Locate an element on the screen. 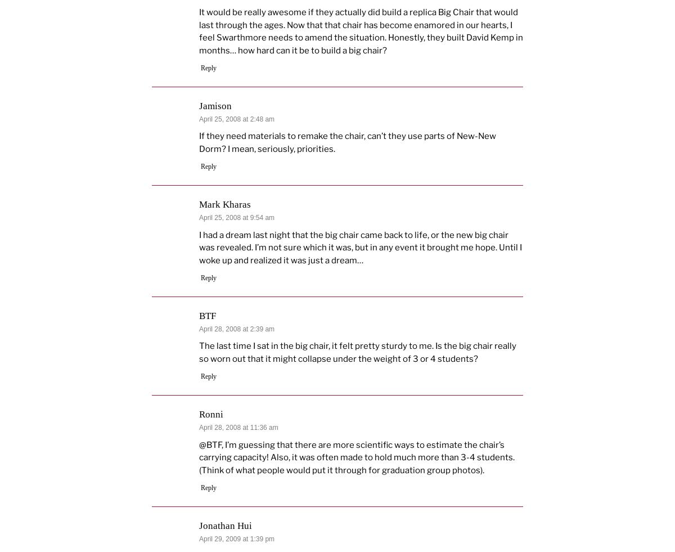  'It would be really awesome if they actually did build a replica Big Chair that would last through the ages.  Now that that chair has become enamored in our hearts, I feel Swarthmore needs to amend the situation.  Honestly, they built David Kemp in months… how hard can it be to build a big chair?' is located at coordinates (361, 30).